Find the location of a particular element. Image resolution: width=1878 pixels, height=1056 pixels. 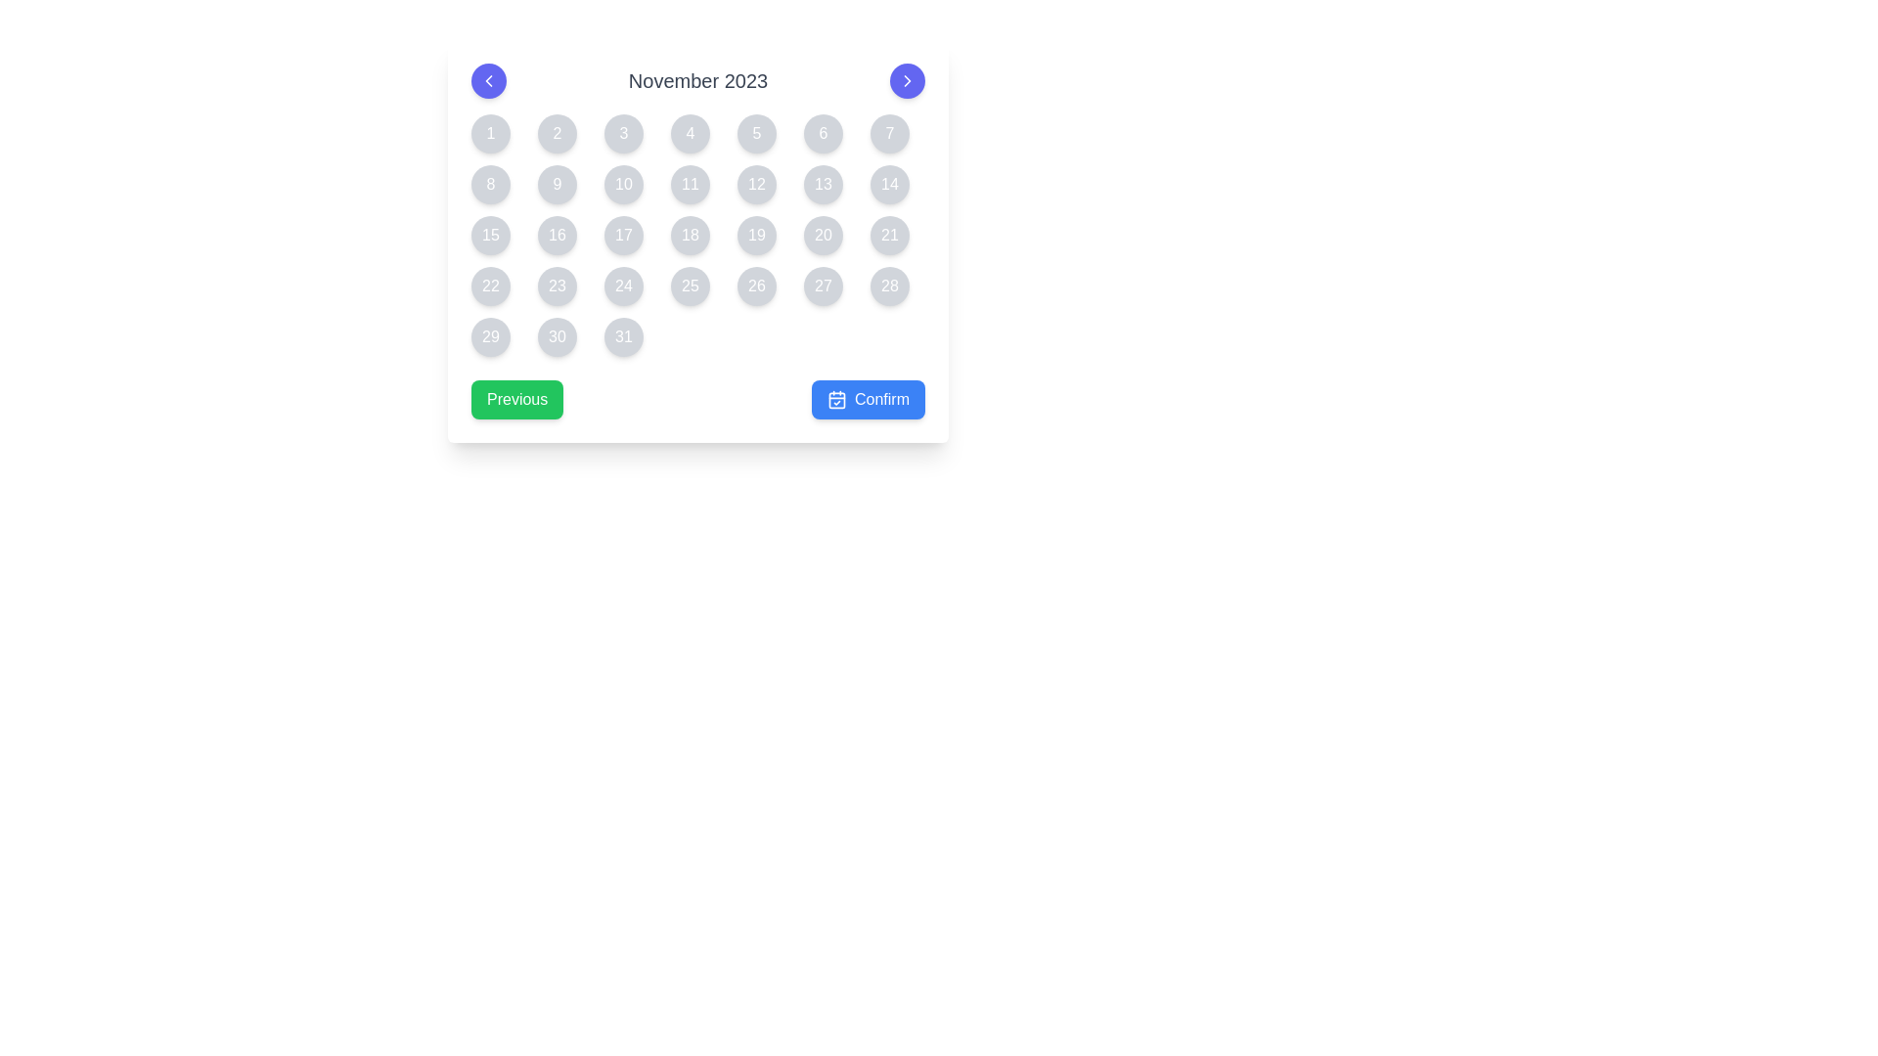

the 'Confirm' text label displayed in white on a blue rectangular button located at the lower right corner of the calendar interface is located at coordinates (881, 398).